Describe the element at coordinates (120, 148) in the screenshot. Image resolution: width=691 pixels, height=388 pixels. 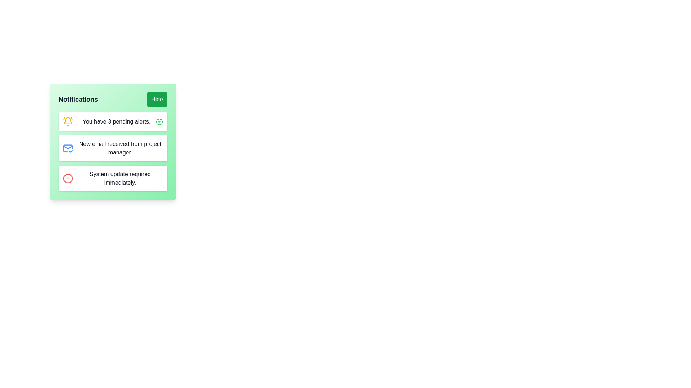
I see `the text label element that reads 'New email received from project manager.' located in the second notification item of the notification panel` at that location.